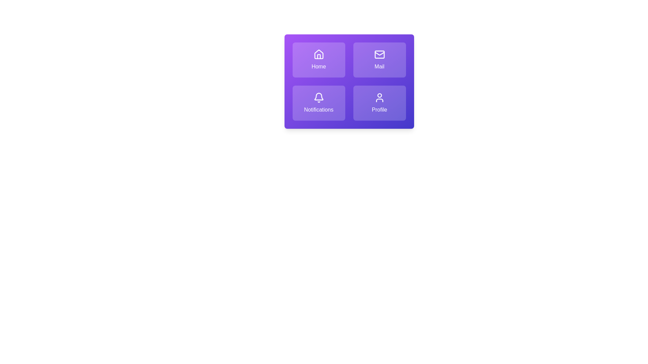  What do you see at coordinates (318, 103) in the screenshot?
I see `the tile labeled Notifications to observe its hover effect` at bounding box center [318, 103].